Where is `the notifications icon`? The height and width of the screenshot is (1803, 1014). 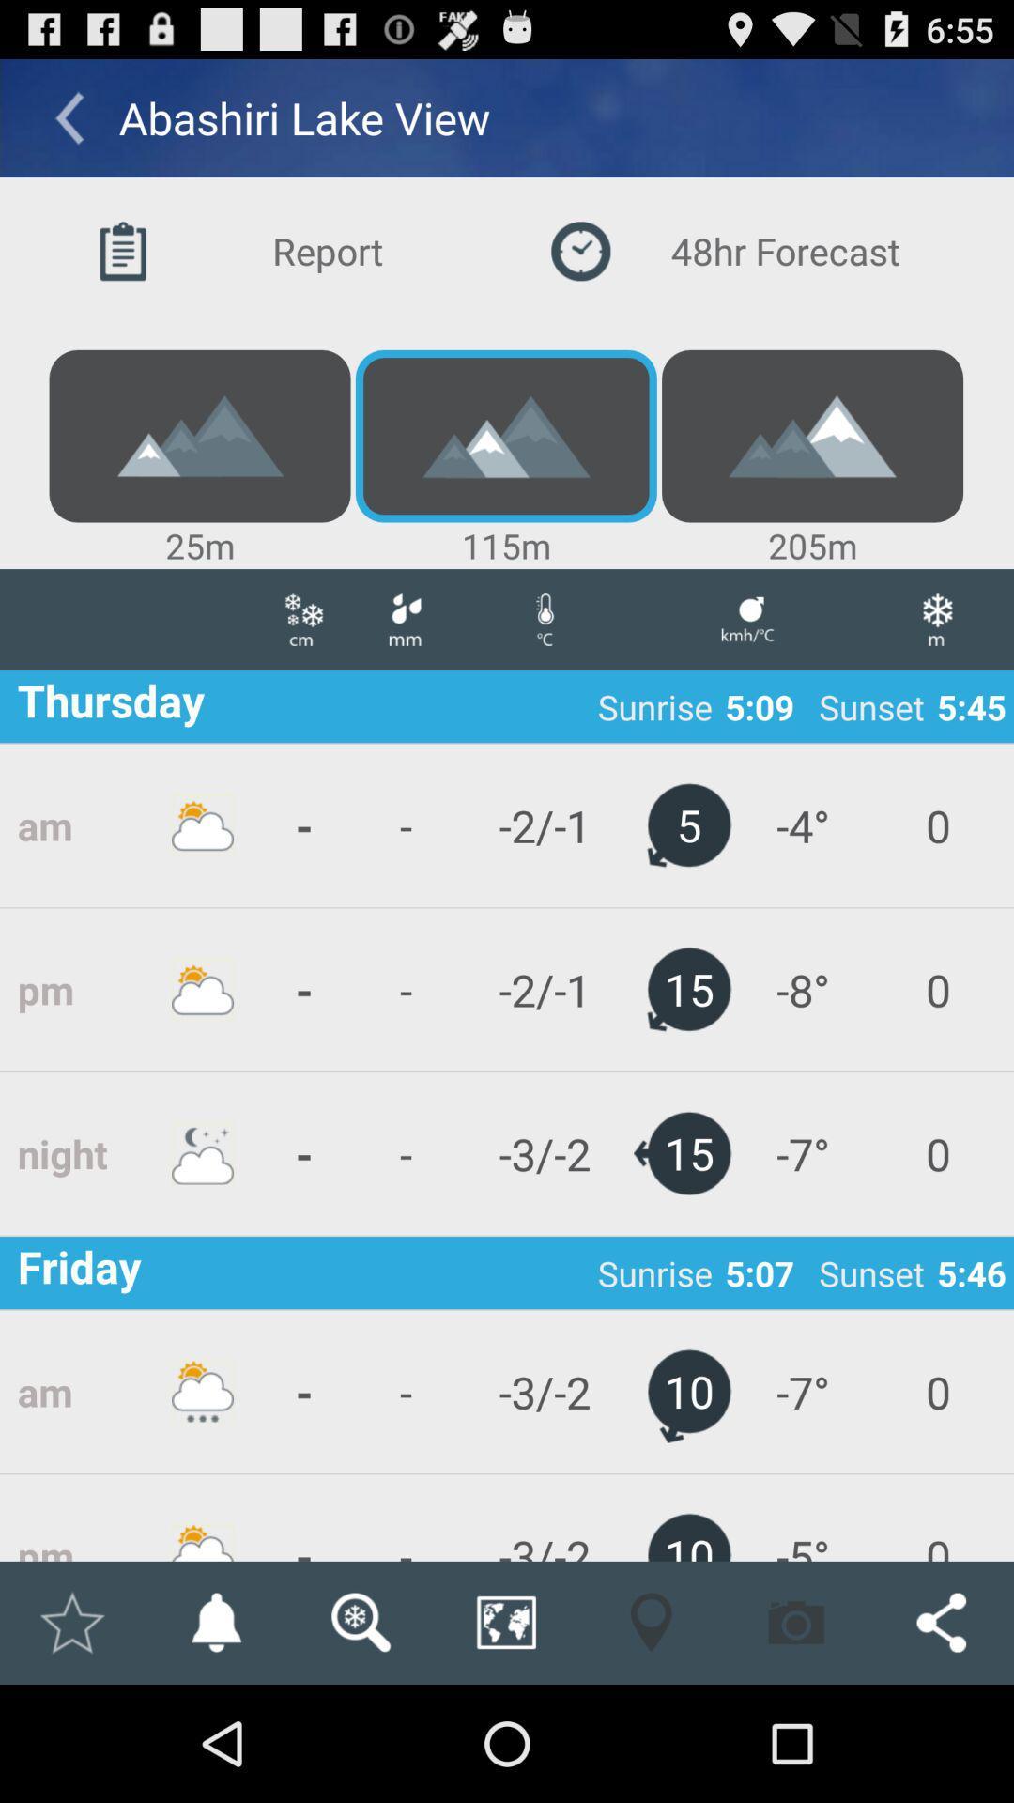
the notifications icon is located at coordinates (215, 1735).